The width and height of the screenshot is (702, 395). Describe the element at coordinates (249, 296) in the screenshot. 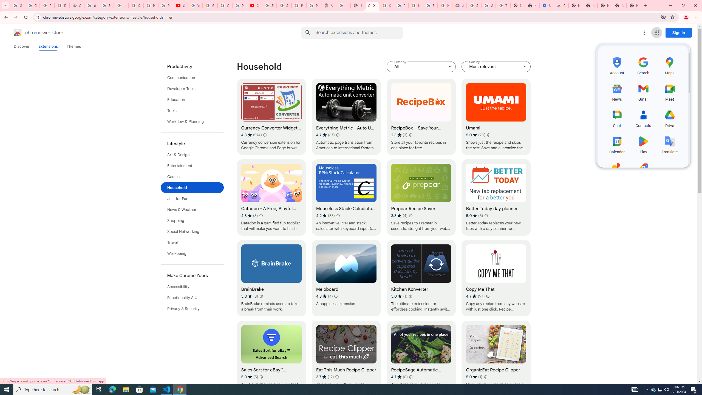

I see `'Average rating 5 out of 5 stars. 3 ratings.'` at that location.